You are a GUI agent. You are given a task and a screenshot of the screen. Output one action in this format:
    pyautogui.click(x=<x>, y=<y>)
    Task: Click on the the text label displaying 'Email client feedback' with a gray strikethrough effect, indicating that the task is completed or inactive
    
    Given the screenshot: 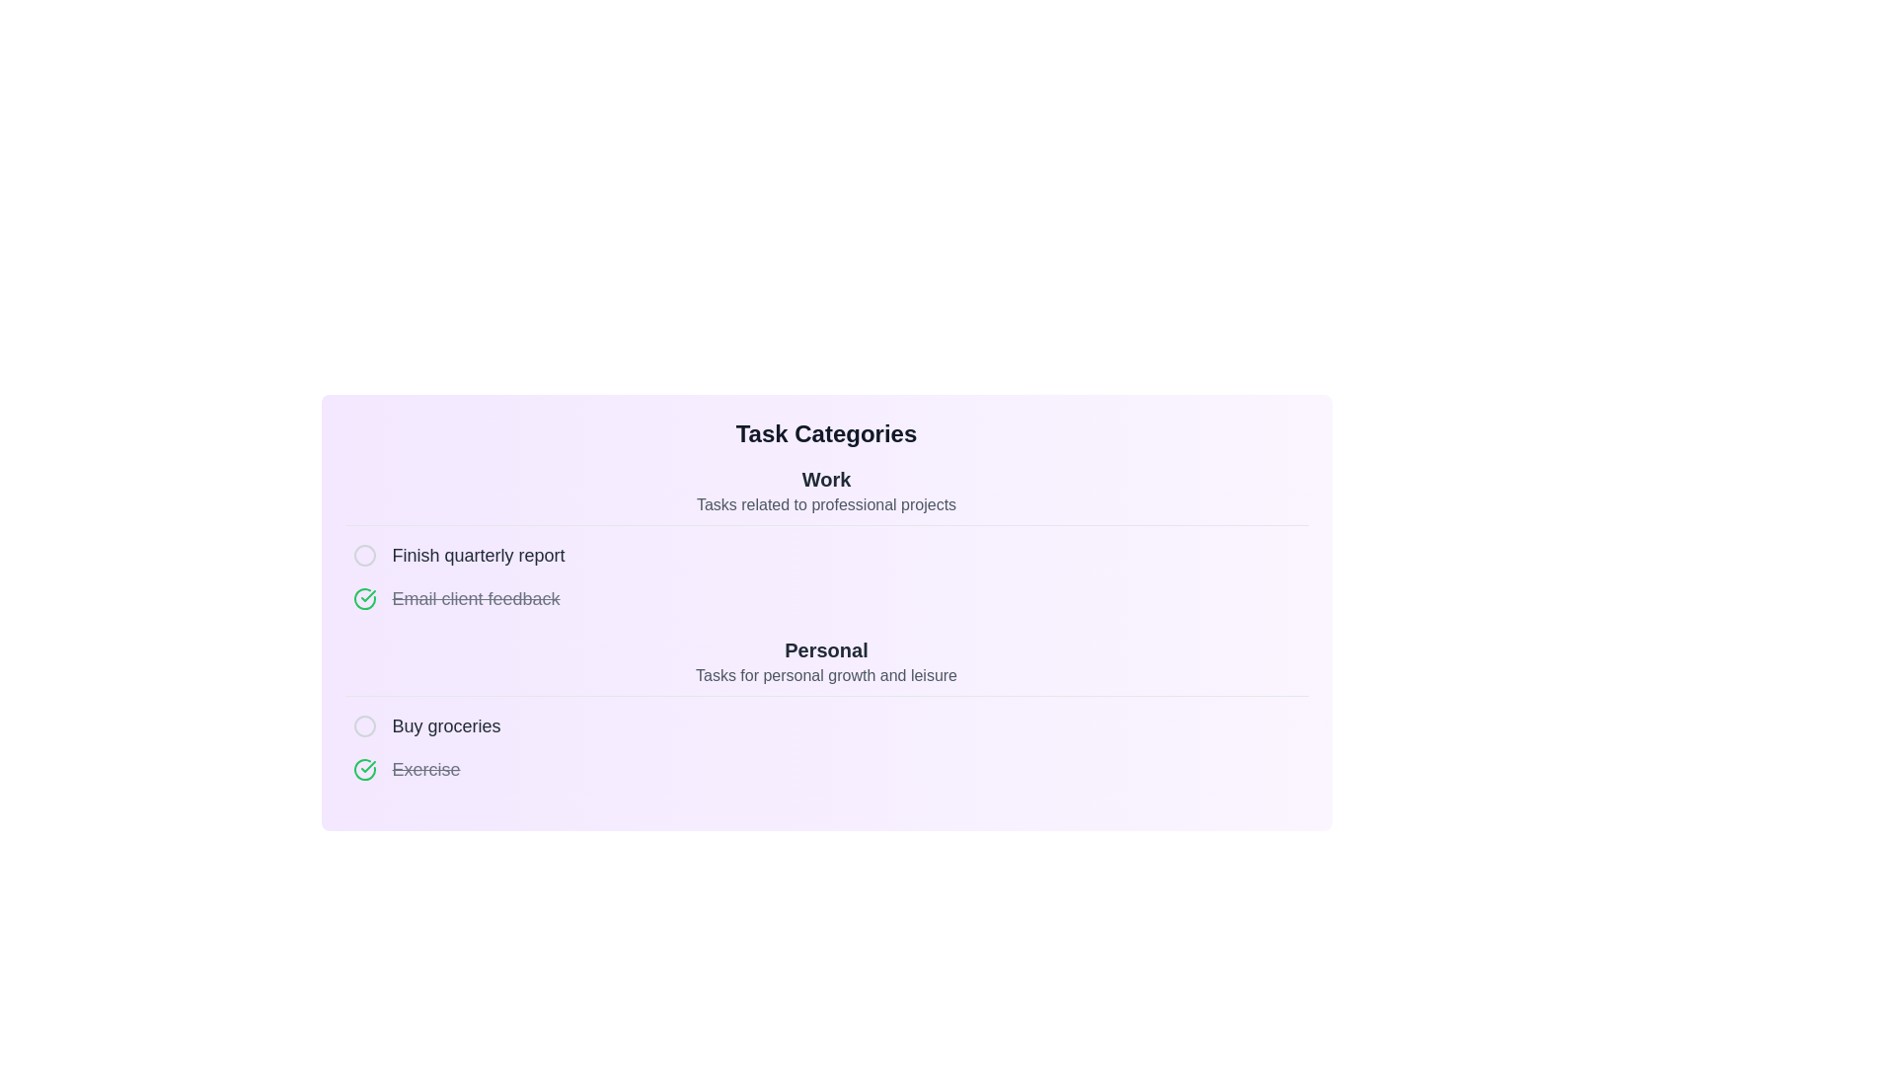 What is the action you would take?
    pyautogui.click(x=476, y=597)
    